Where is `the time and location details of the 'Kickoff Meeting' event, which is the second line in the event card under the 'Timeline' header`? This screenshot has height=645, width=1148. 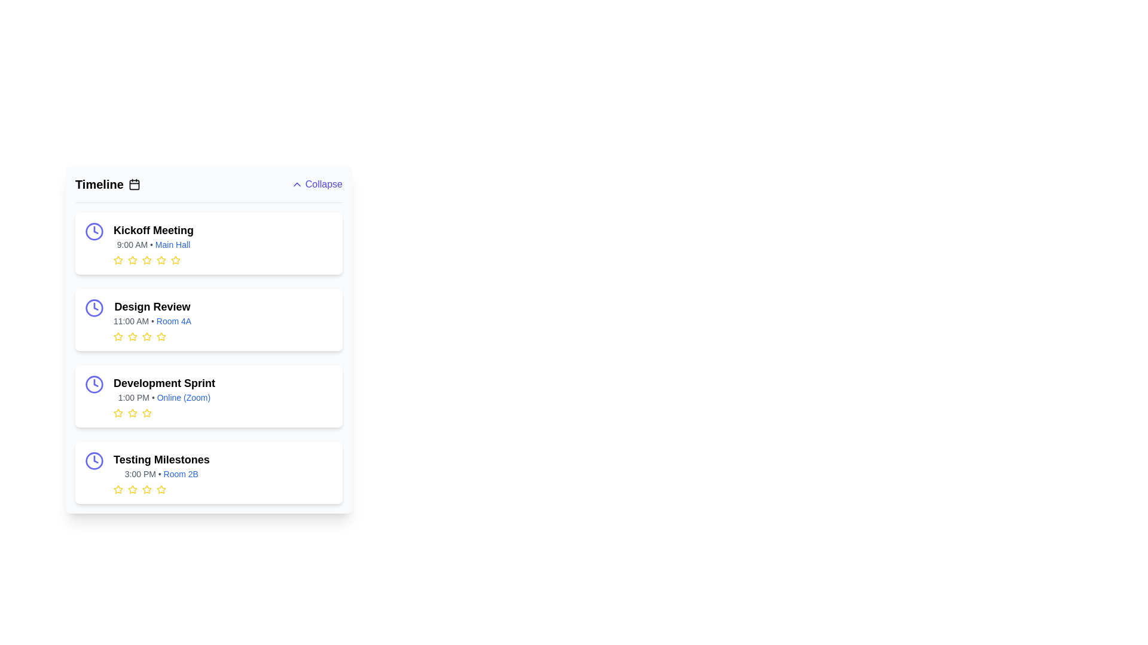 the time and location details of the 'Kickoff Meeting' event, which is the second line in the event card under the 'Timeline' header is located at coordinates (153, 244).